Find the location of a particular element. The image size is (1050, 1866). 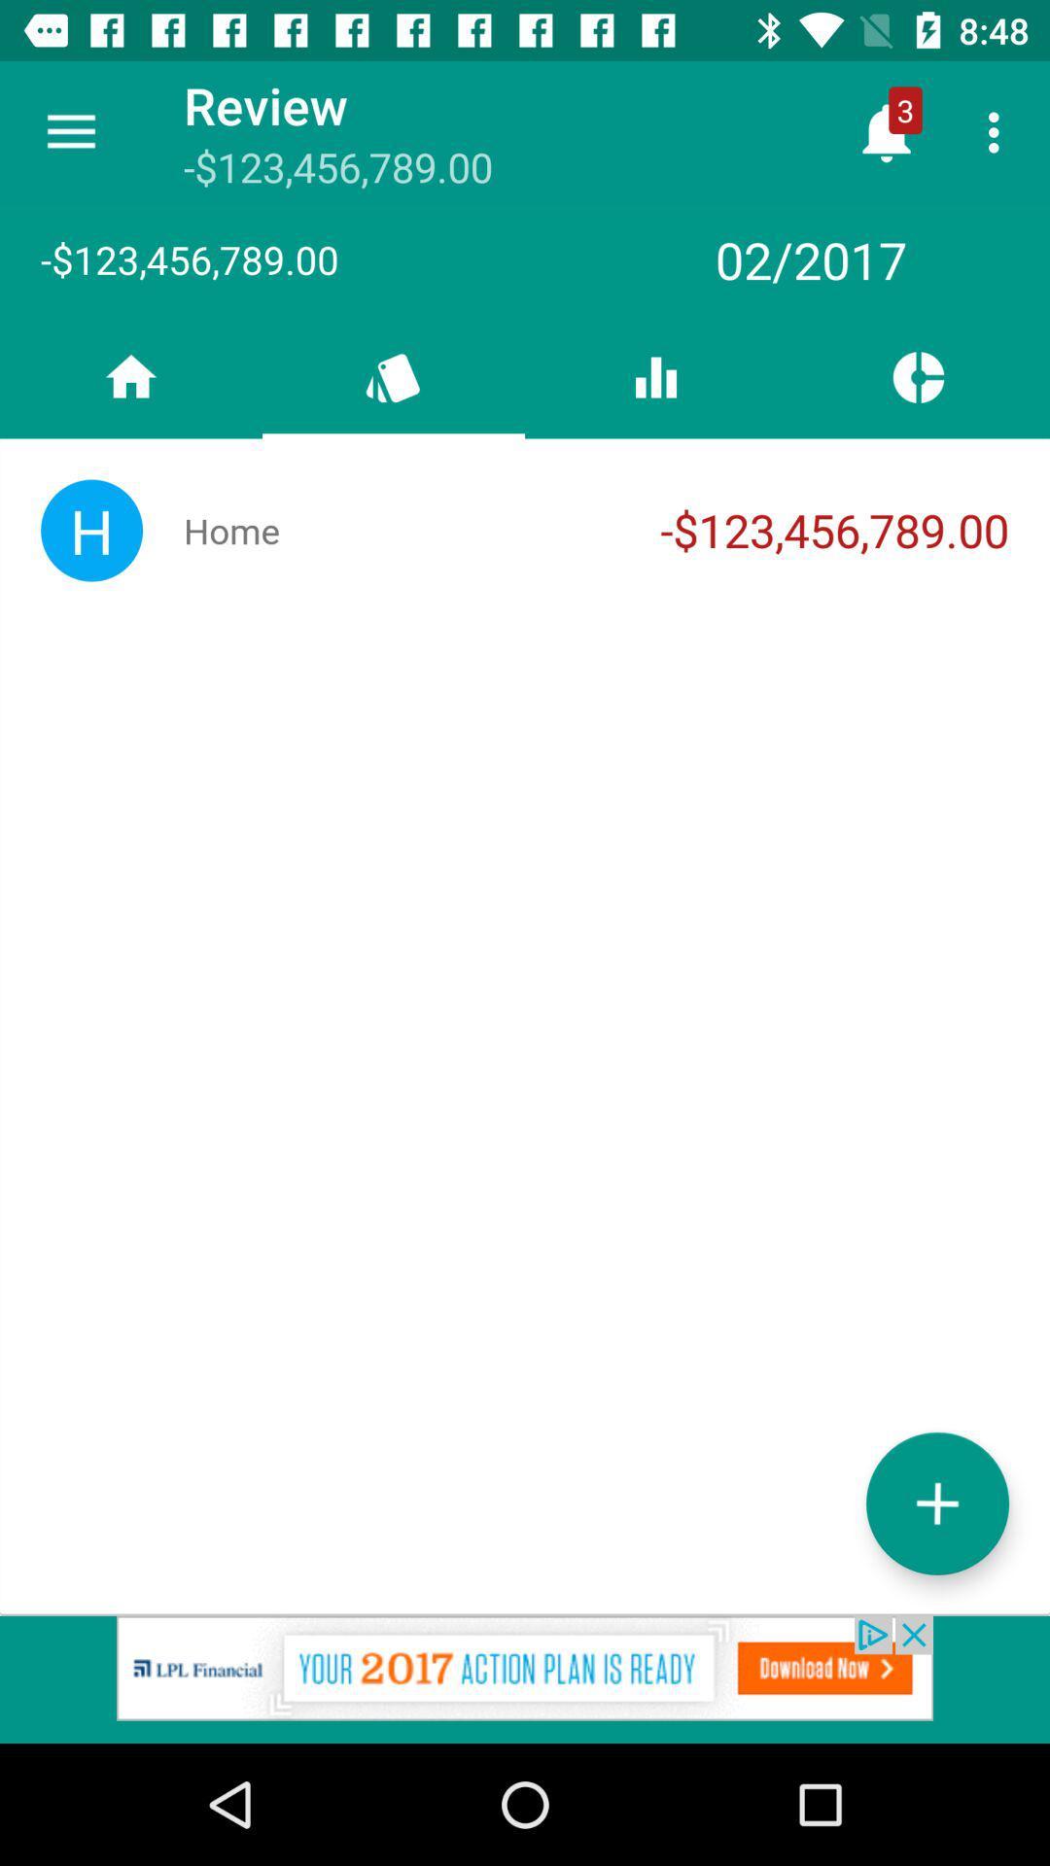

open advertisement is located at coordinates (525, 1678).